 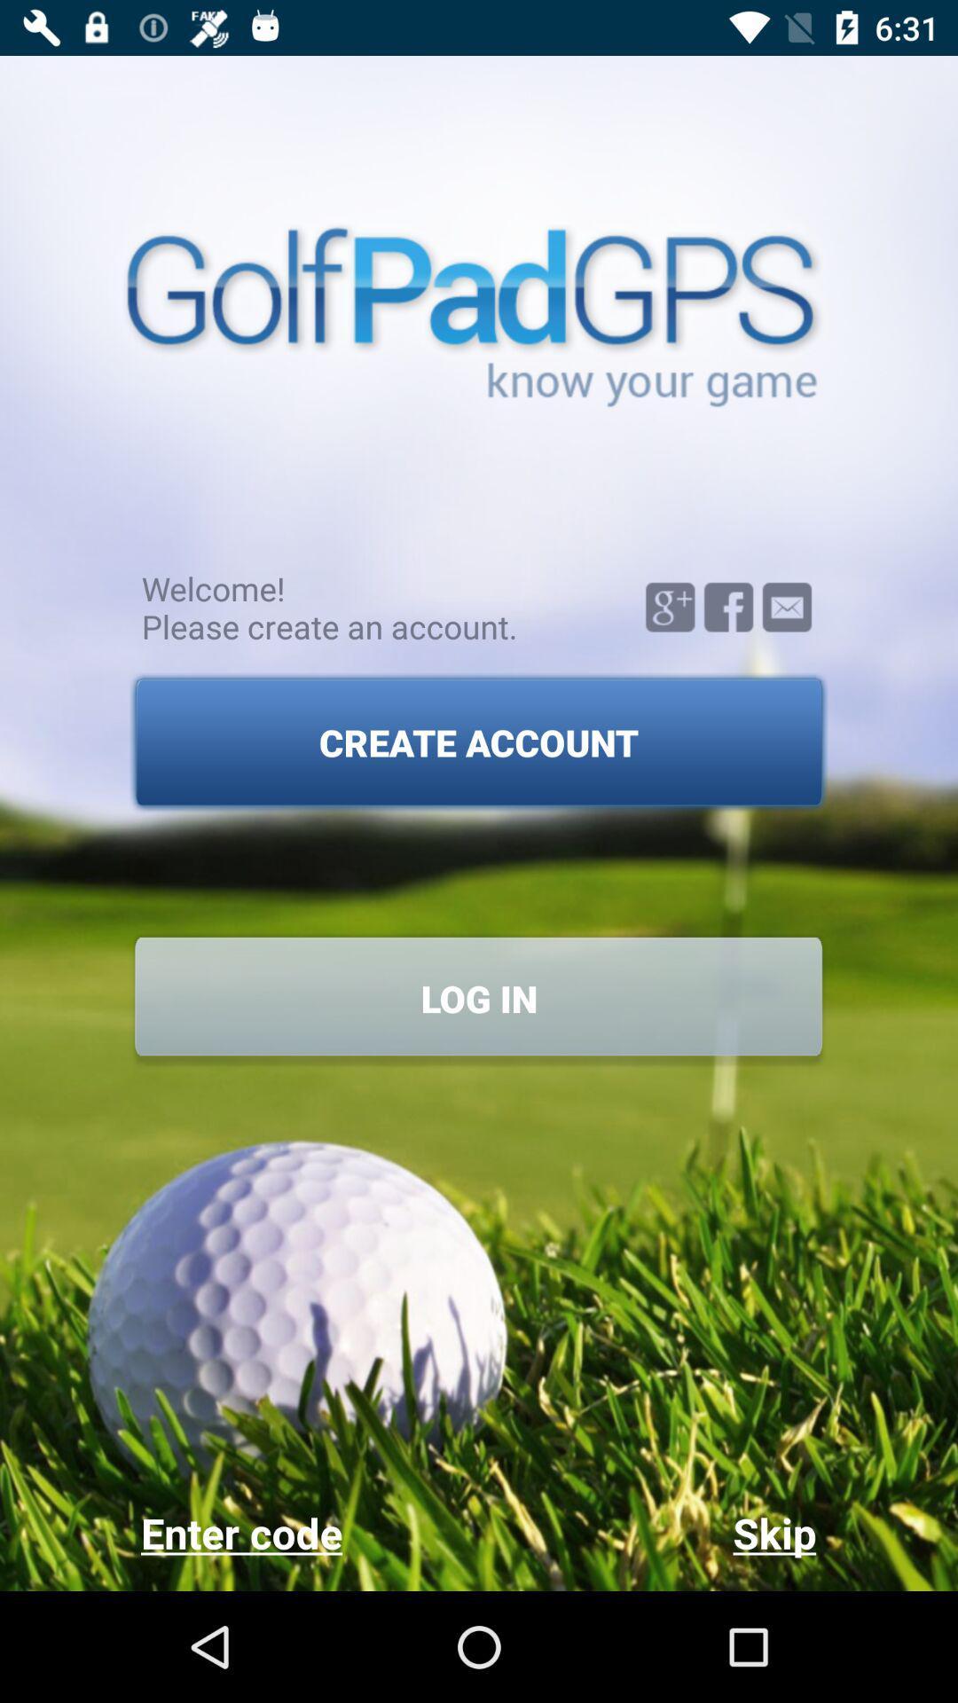 I want to click on icon at the bottom left corner, so click(x=309, y=1532).